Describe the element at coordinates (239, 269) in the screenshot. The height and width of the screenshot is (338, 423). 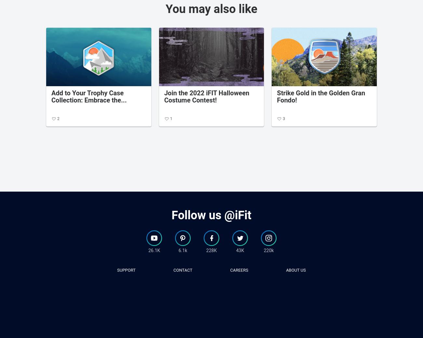
I see `'careers'` at that location.